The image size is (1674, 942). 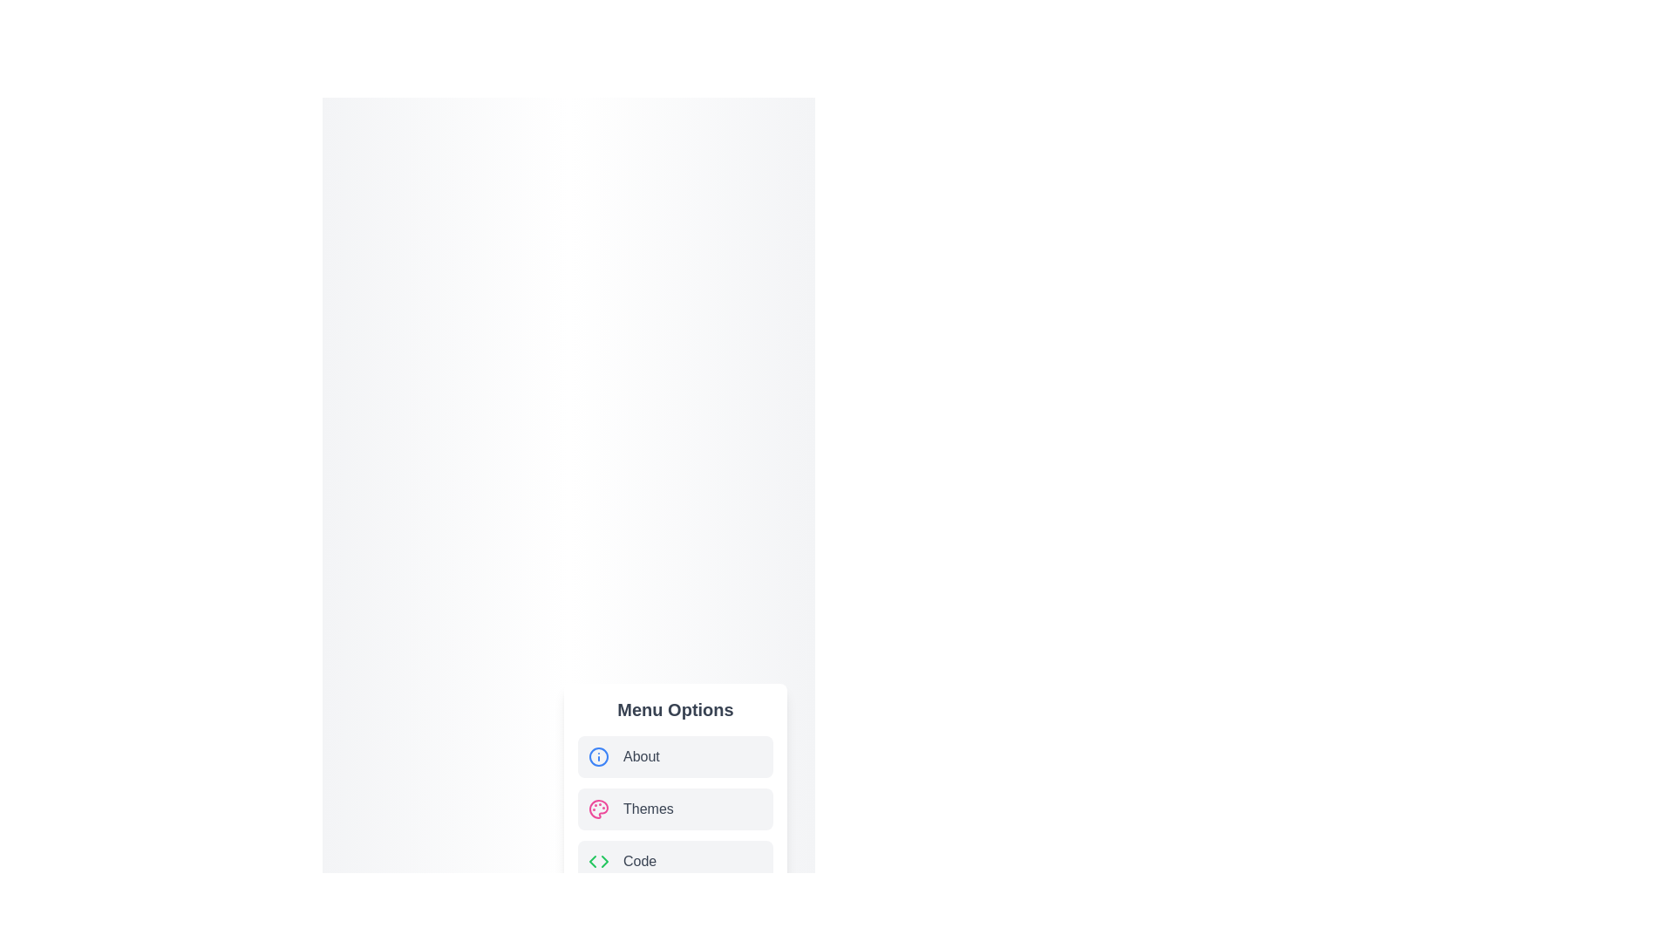 I want to click on the 'About' menu list item, so click(x=674, y=755).